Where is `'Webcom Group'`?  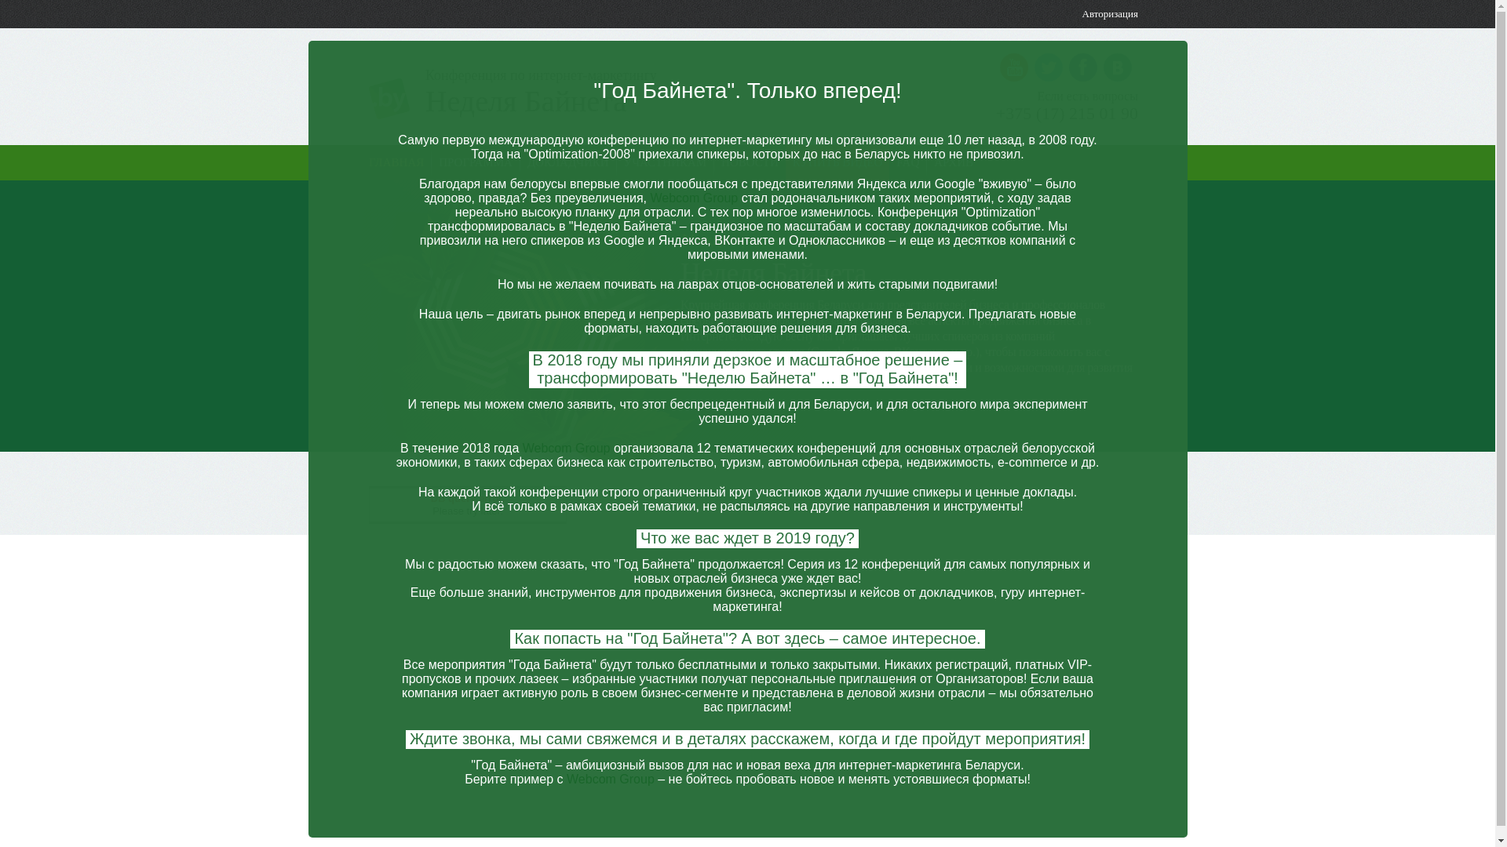
'Webcom Group' is located at coordinates (565, 448).